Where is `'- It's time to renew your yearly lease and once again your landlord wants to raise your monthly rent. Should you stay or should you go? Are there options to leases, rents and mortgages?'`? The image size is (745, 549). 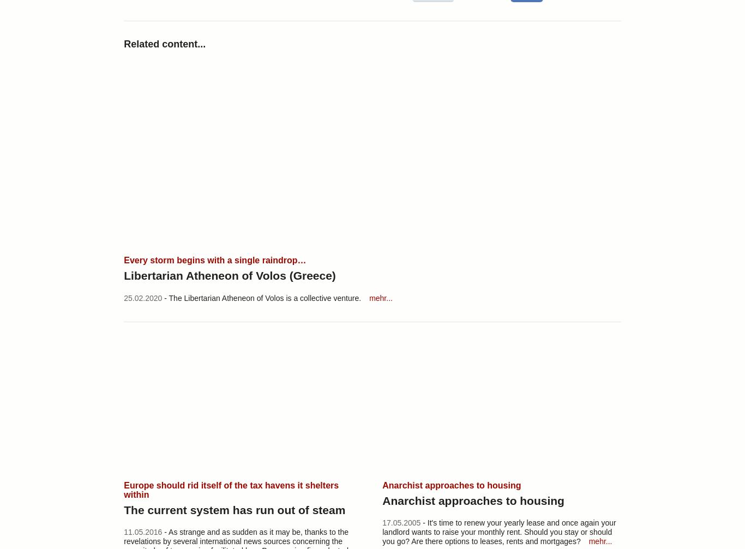
'- It's time to renew your yearly lease and once again your landlord wants to raise your monthly rent. Should you stay or should you go? Are there options to leases, rents and mortgages?' is located at coordinates (498, 531).